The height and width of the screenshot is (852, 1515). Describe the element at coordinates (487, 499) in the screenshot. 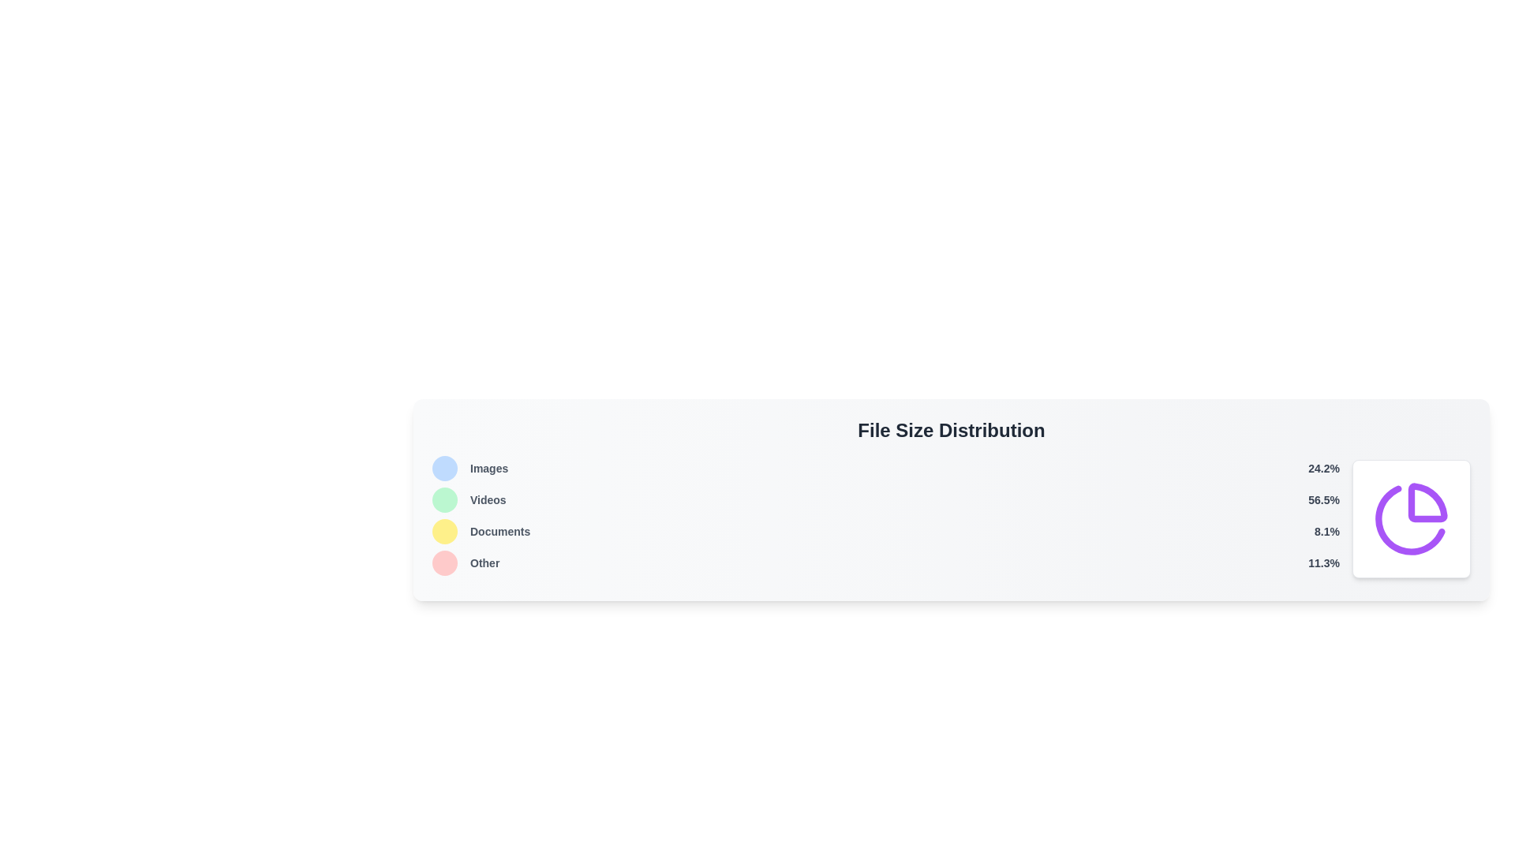

I see `'Videos' label which is styled in gray color, located in the 'File Size Distribution' section, and positioned next to the 'Images' label above it and '56.5%' on its right` at that location.